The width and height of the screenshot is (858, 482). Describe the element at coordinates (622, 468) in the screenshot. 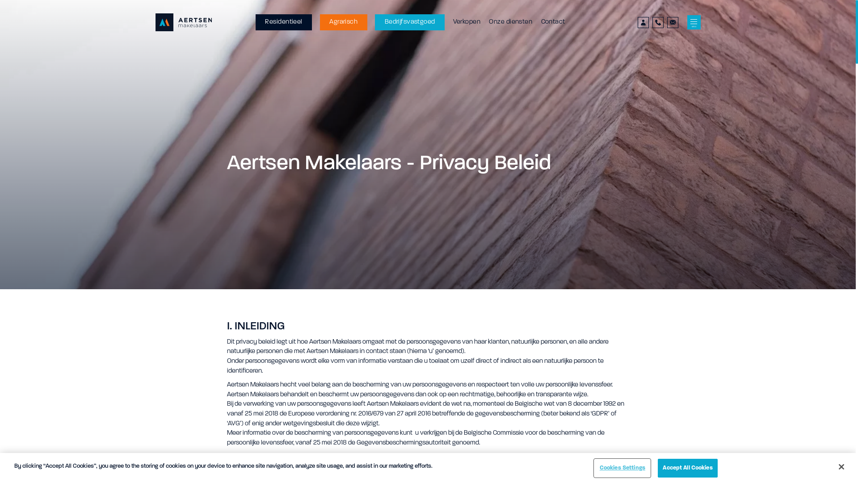

I see `'Cookies Settings'` at that location.